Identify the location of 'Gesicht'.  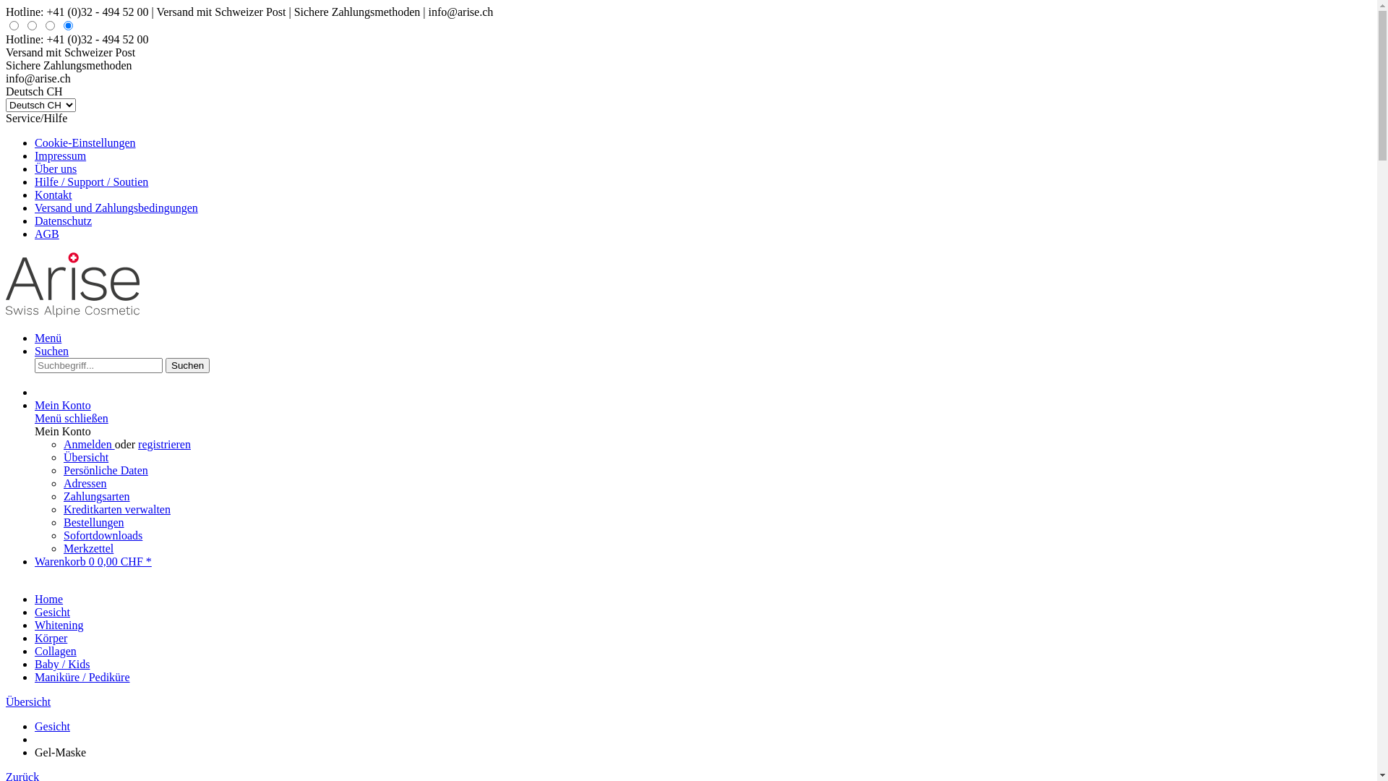
(52, 612).